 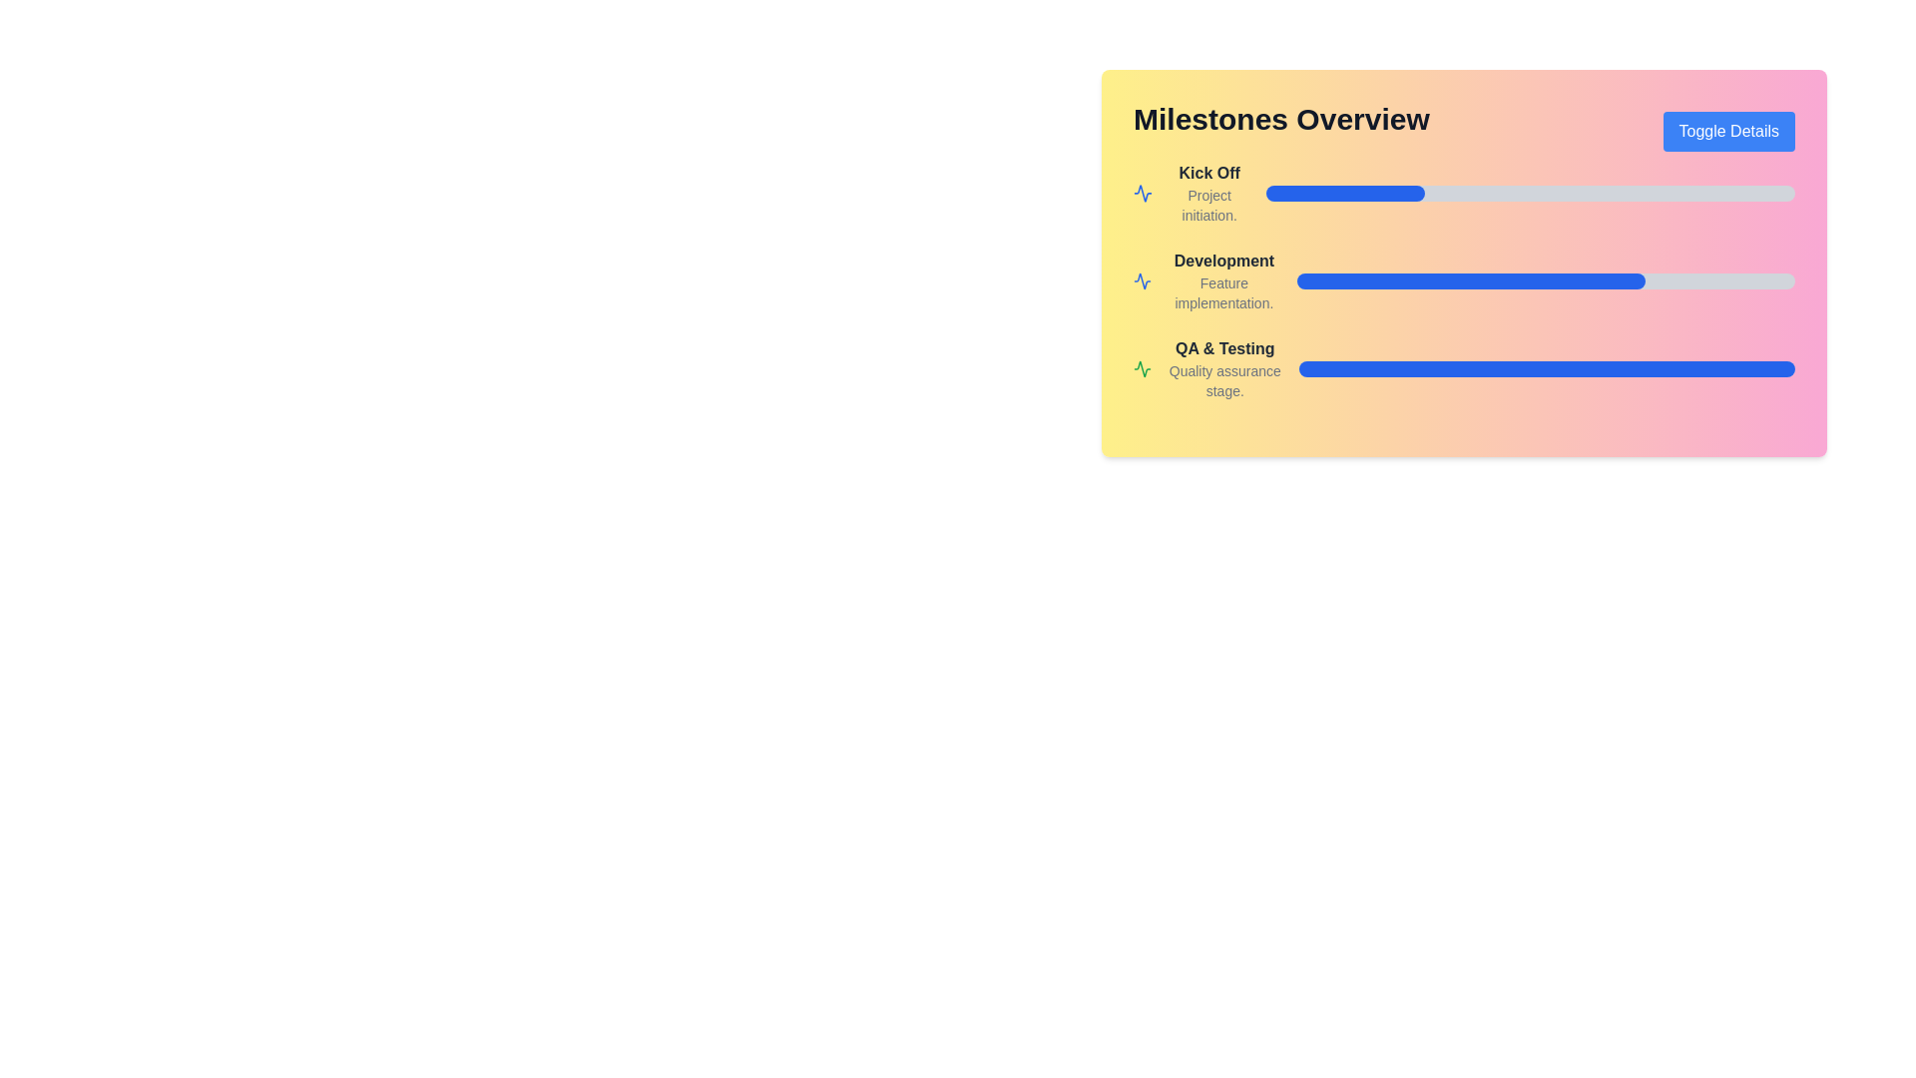 What do you see at coordinates (1223, 369) in the screenshot?
I see `the Text Label element containing the bold title 'QA & Testing' and the descriptive text 'Quality assurance stage.' located in the Milestones Overview section` at bounding box center [1223, 369].